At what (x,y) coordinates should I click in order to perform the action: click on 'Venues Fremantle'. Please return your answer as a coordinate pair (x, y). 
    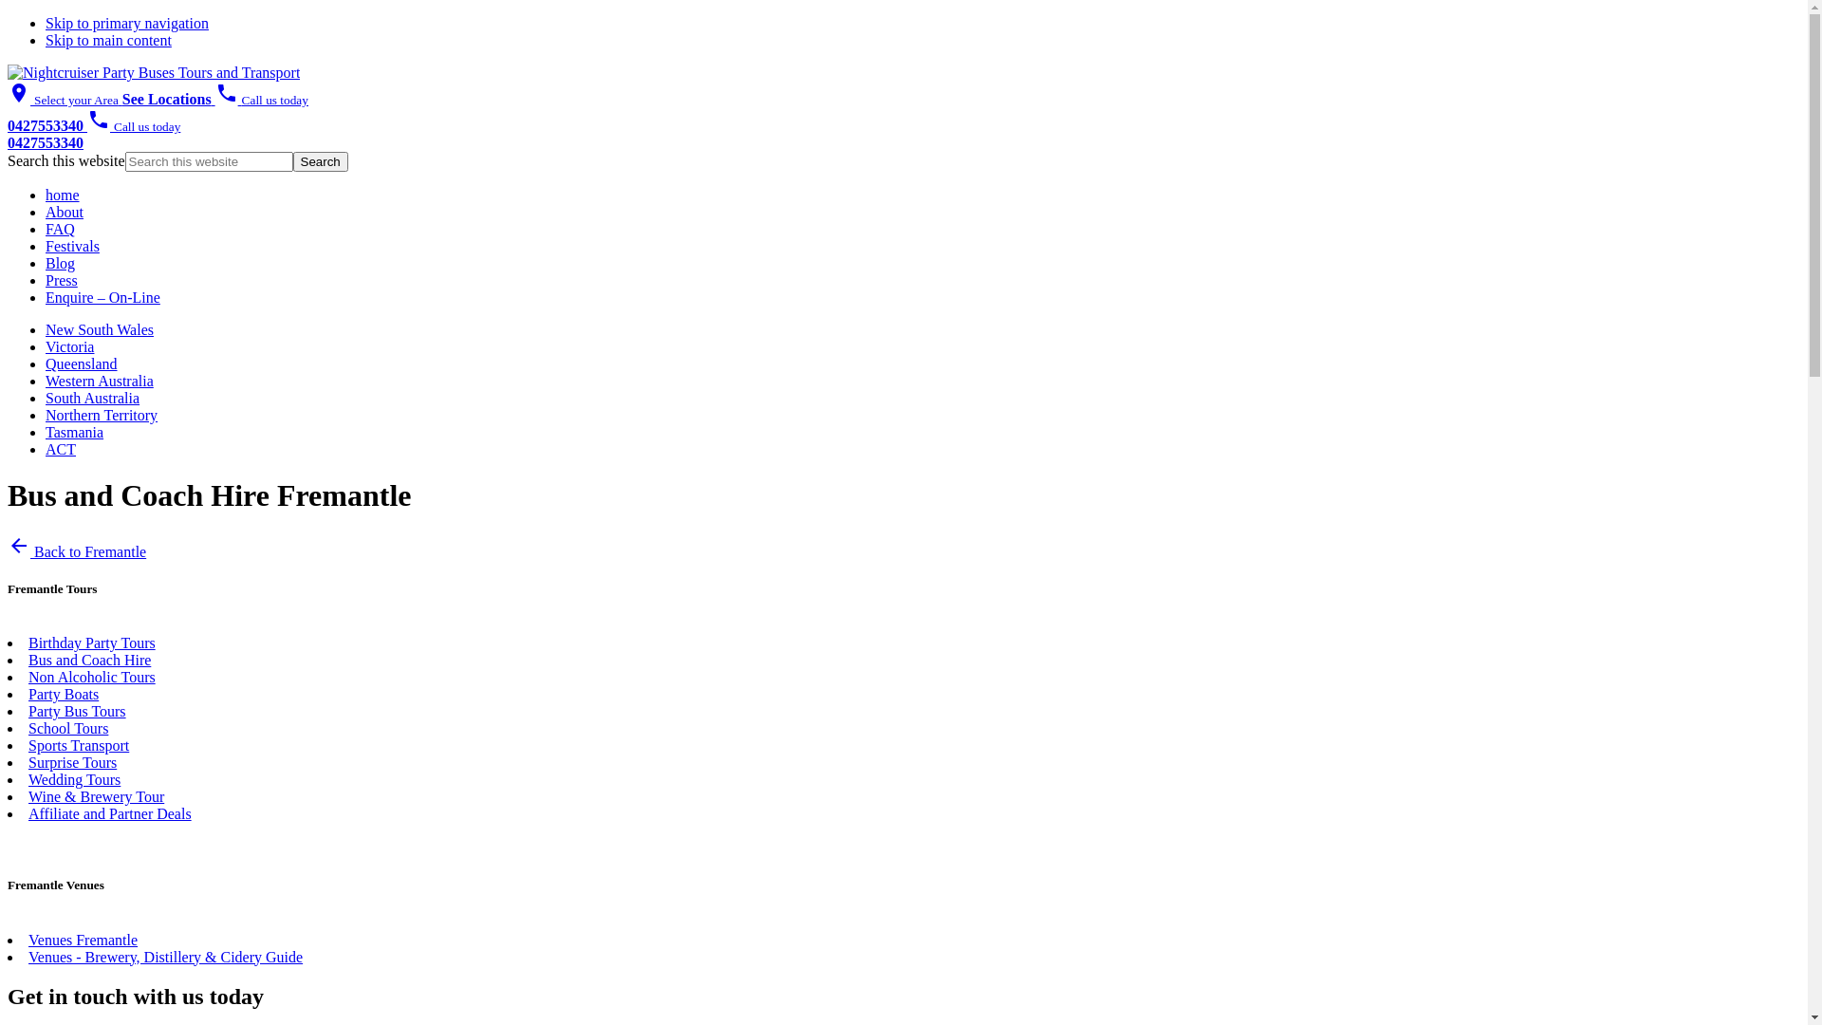
    Looking at the image, I should click on (82, 940).